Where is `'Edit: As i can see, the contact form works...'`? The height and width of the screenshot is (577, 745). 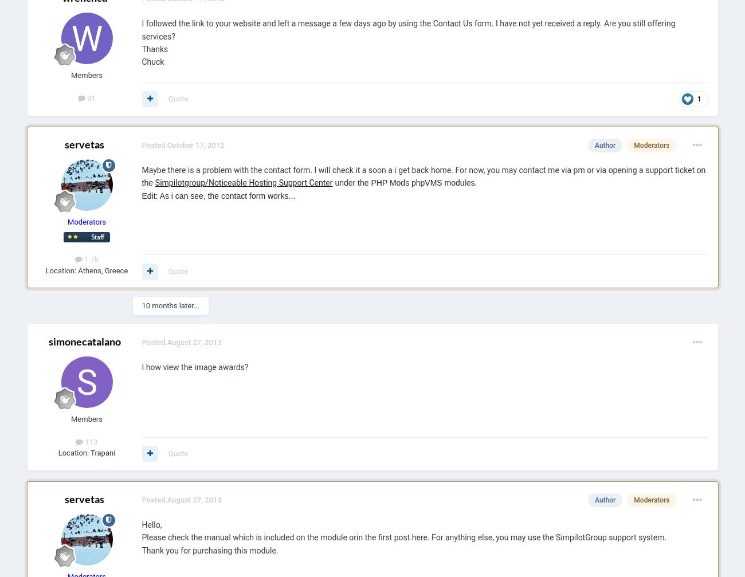
'Edit: As i can see, the contact form works...' is located at coordinates (218, 195).